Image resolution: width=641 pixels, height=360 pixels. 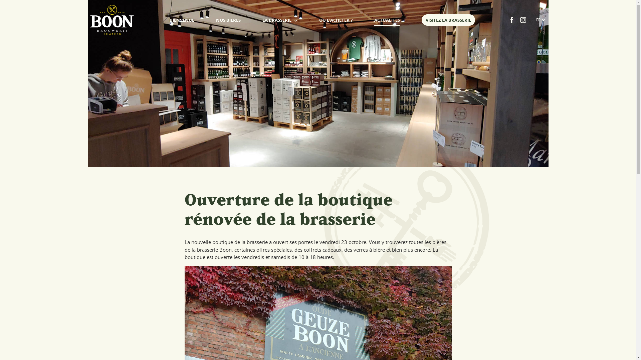 What do you see at coordinates (262, 20) in the screenshot?
I see `'LA BRASSERIE'` at bounding box center [262, 20].